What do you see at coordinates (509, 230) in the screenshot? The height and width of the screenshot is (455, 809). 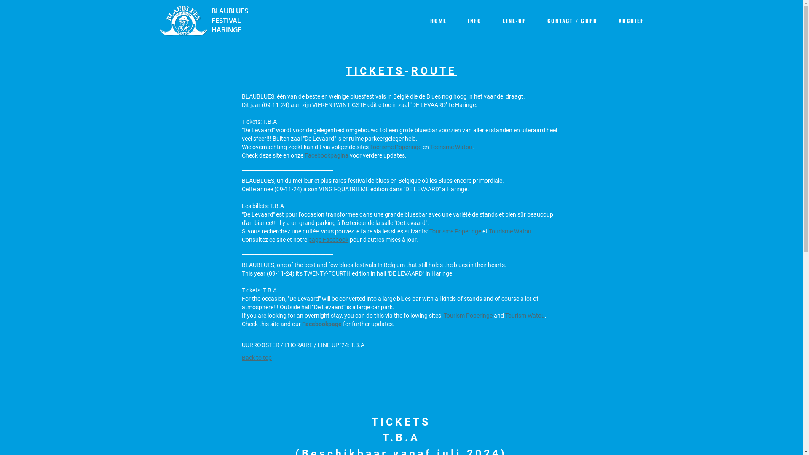 I see `'Tourisme Watou'` at bounding box center [509, 230].